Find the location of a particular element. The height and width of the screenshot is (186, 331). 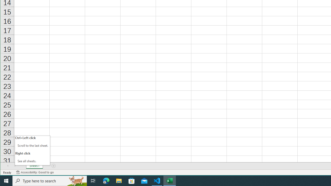

'Excel - 1 running window' is located at coordinates (170, 180).